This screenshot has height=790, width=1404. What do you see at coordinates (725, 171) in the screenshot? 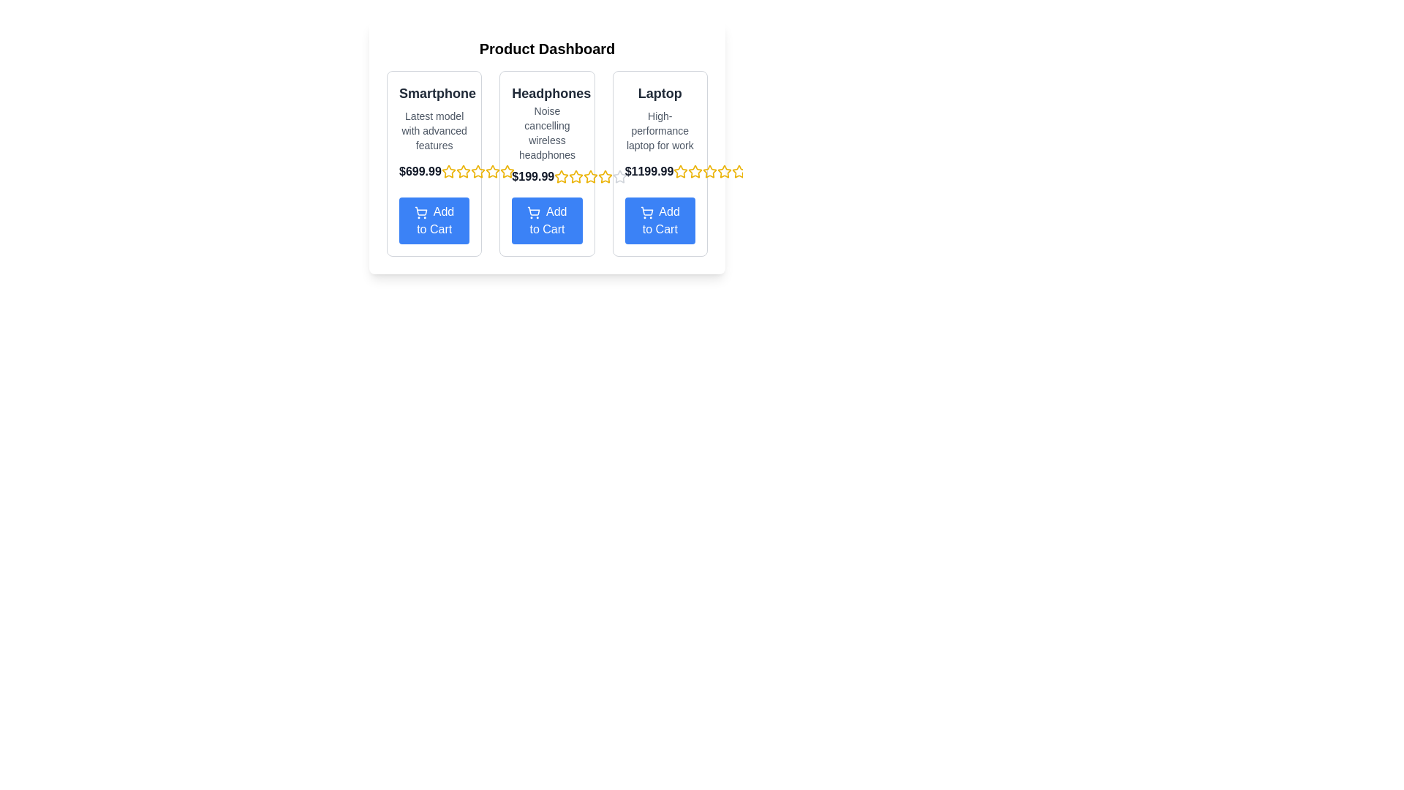
I see `the fifth star-shaped icon in the rating section of the Laptop product card` at bounding box center [725, 171].